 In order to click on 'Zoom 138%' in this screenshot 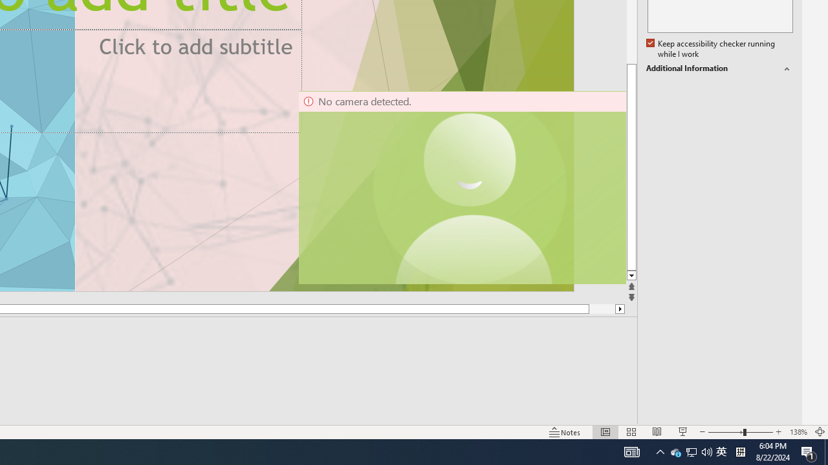, I will do `click(798, 432)`.